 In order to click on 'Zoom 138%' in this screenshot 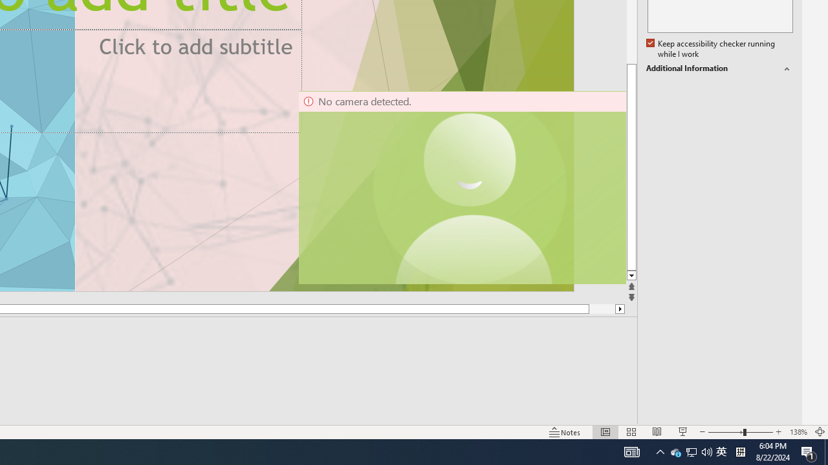, I will do `click(798, 432)`.